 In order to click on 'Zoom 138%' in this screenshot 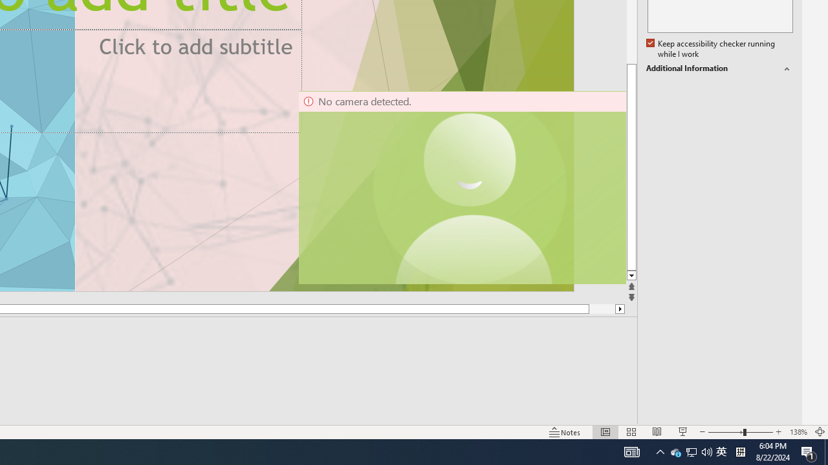, I will do `click(798, 432)`.